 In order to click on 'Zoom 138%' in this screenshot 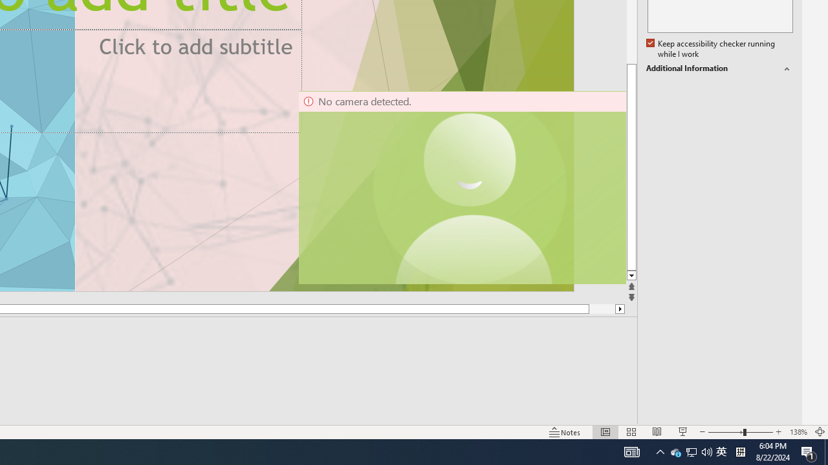, I will do `click(798, 432)`.